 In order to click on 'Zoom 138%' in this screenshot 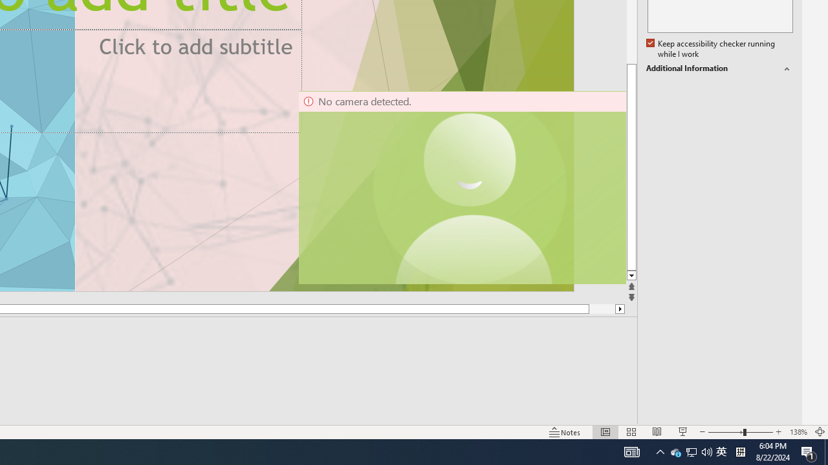, I will do `click(798, 432)`.